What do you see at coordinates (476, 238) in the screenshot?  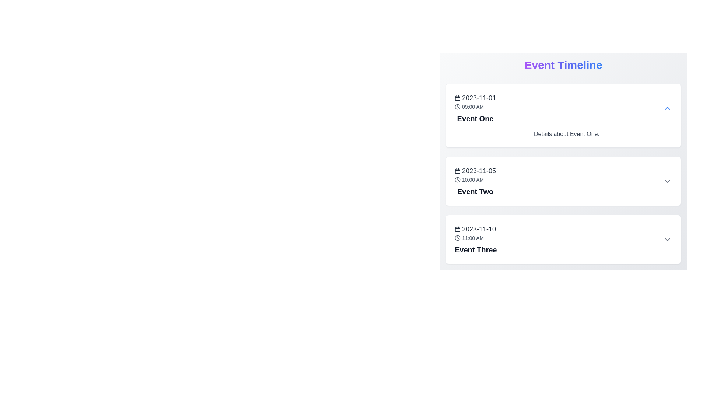 I see `the Time display element indicating the time associated with the event 'Event Three', positioned below the event date '2023-11-10'` at bounding box center [476, 238].